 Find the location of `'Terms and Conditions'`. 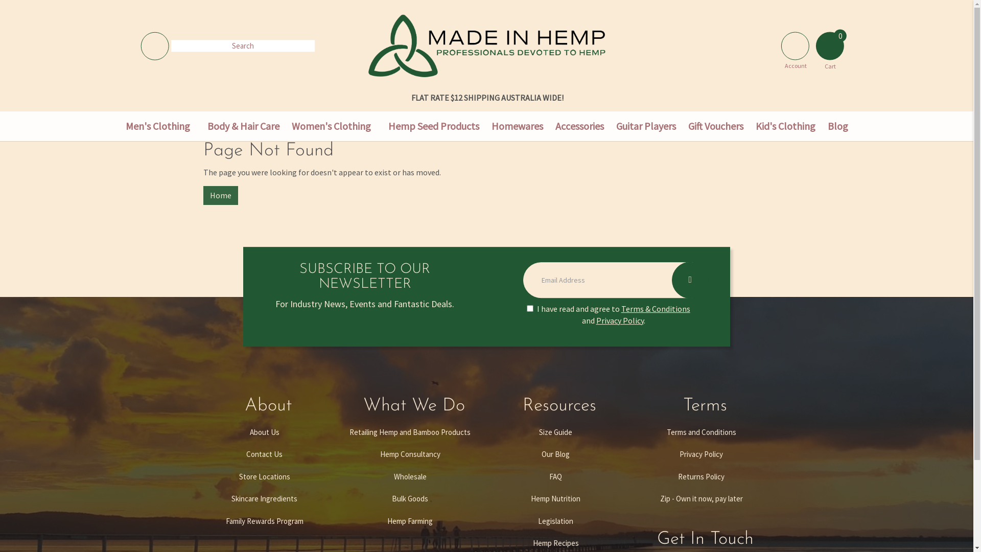

'Terms and Conditions' is located at coordinates (700, 432).